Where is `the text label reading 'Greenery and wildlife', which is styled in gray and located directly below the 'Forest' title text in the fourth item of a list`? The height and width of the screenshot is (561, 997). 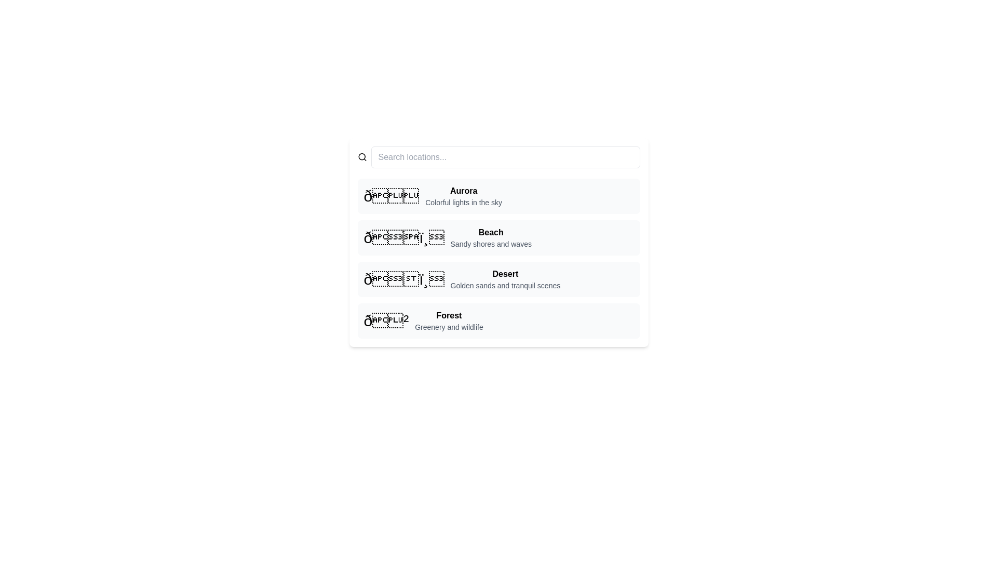
the text label reading 'Greenery and wildlife', which is styled in gray and located directly below the 'Forest' title text in the fourth item of a list is located at coordinates (449, 326).